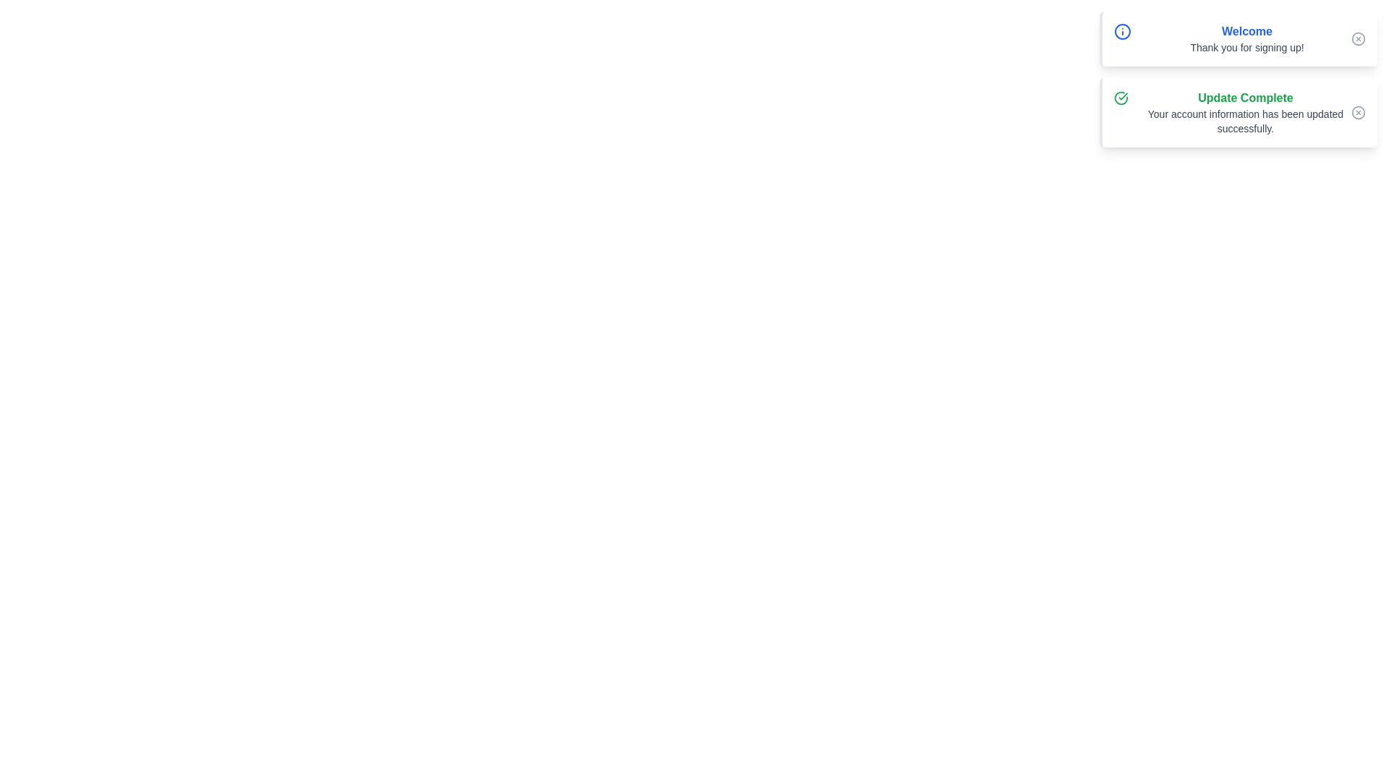  Describe the element at coordinates (1244, 111) in the screenshot. I see `the notification message indicating the successful update of account information for accessibility` at that location.